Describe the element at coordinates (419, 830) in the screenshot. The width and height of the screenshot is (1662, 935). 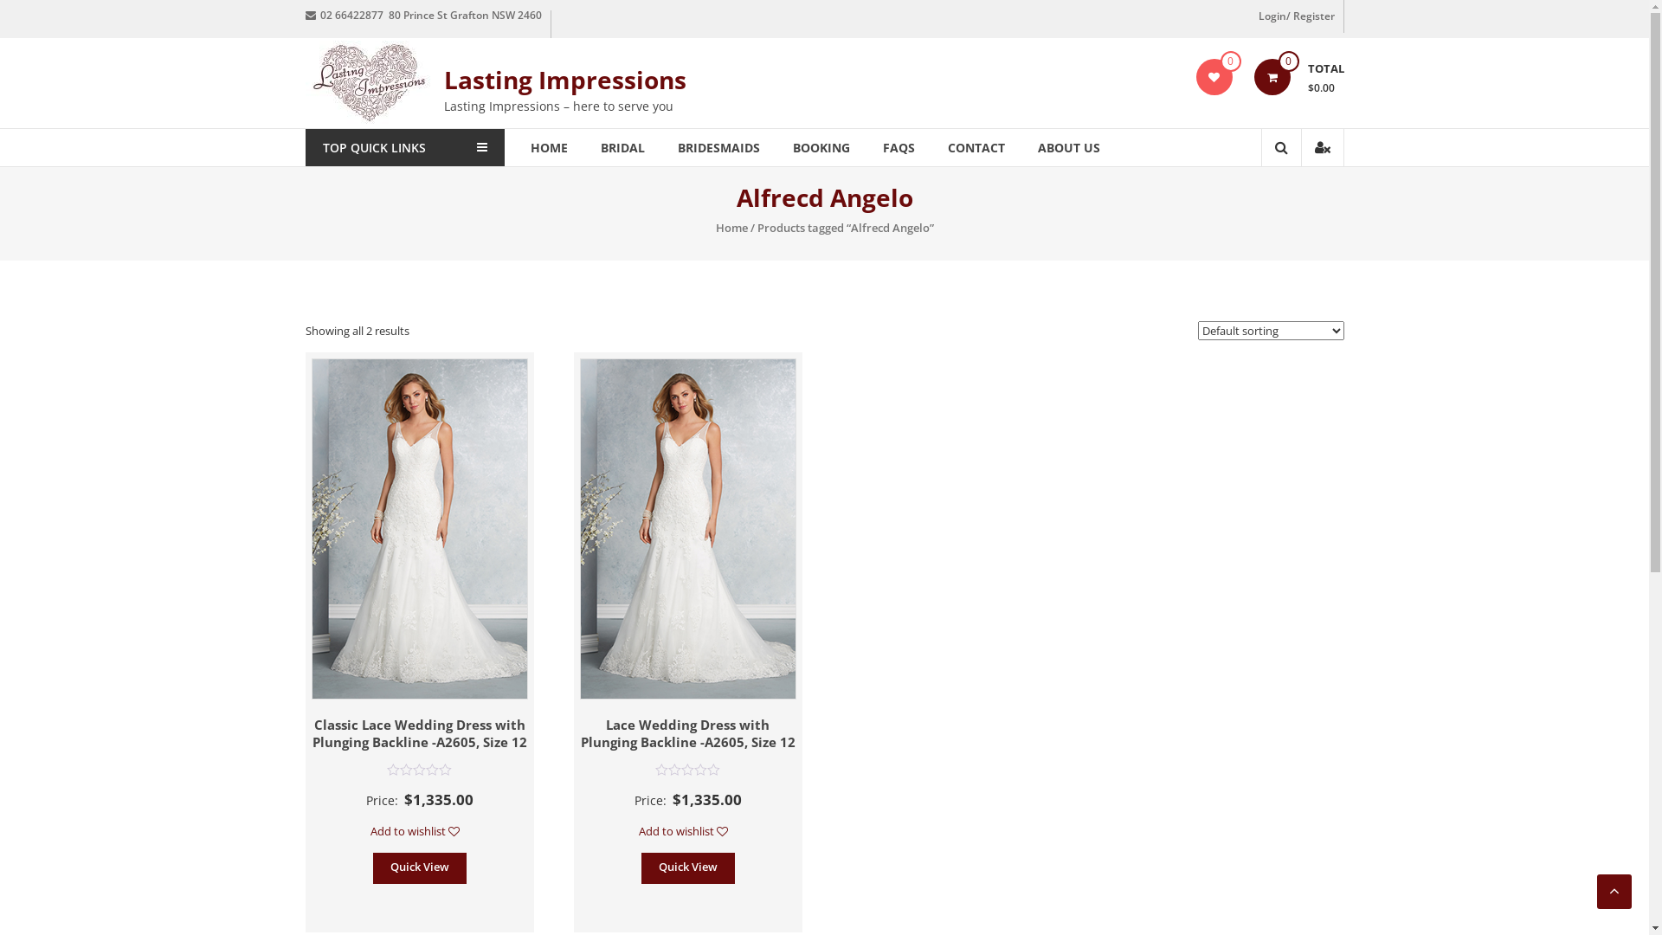
I see `'Add to wishlist'` at that location.